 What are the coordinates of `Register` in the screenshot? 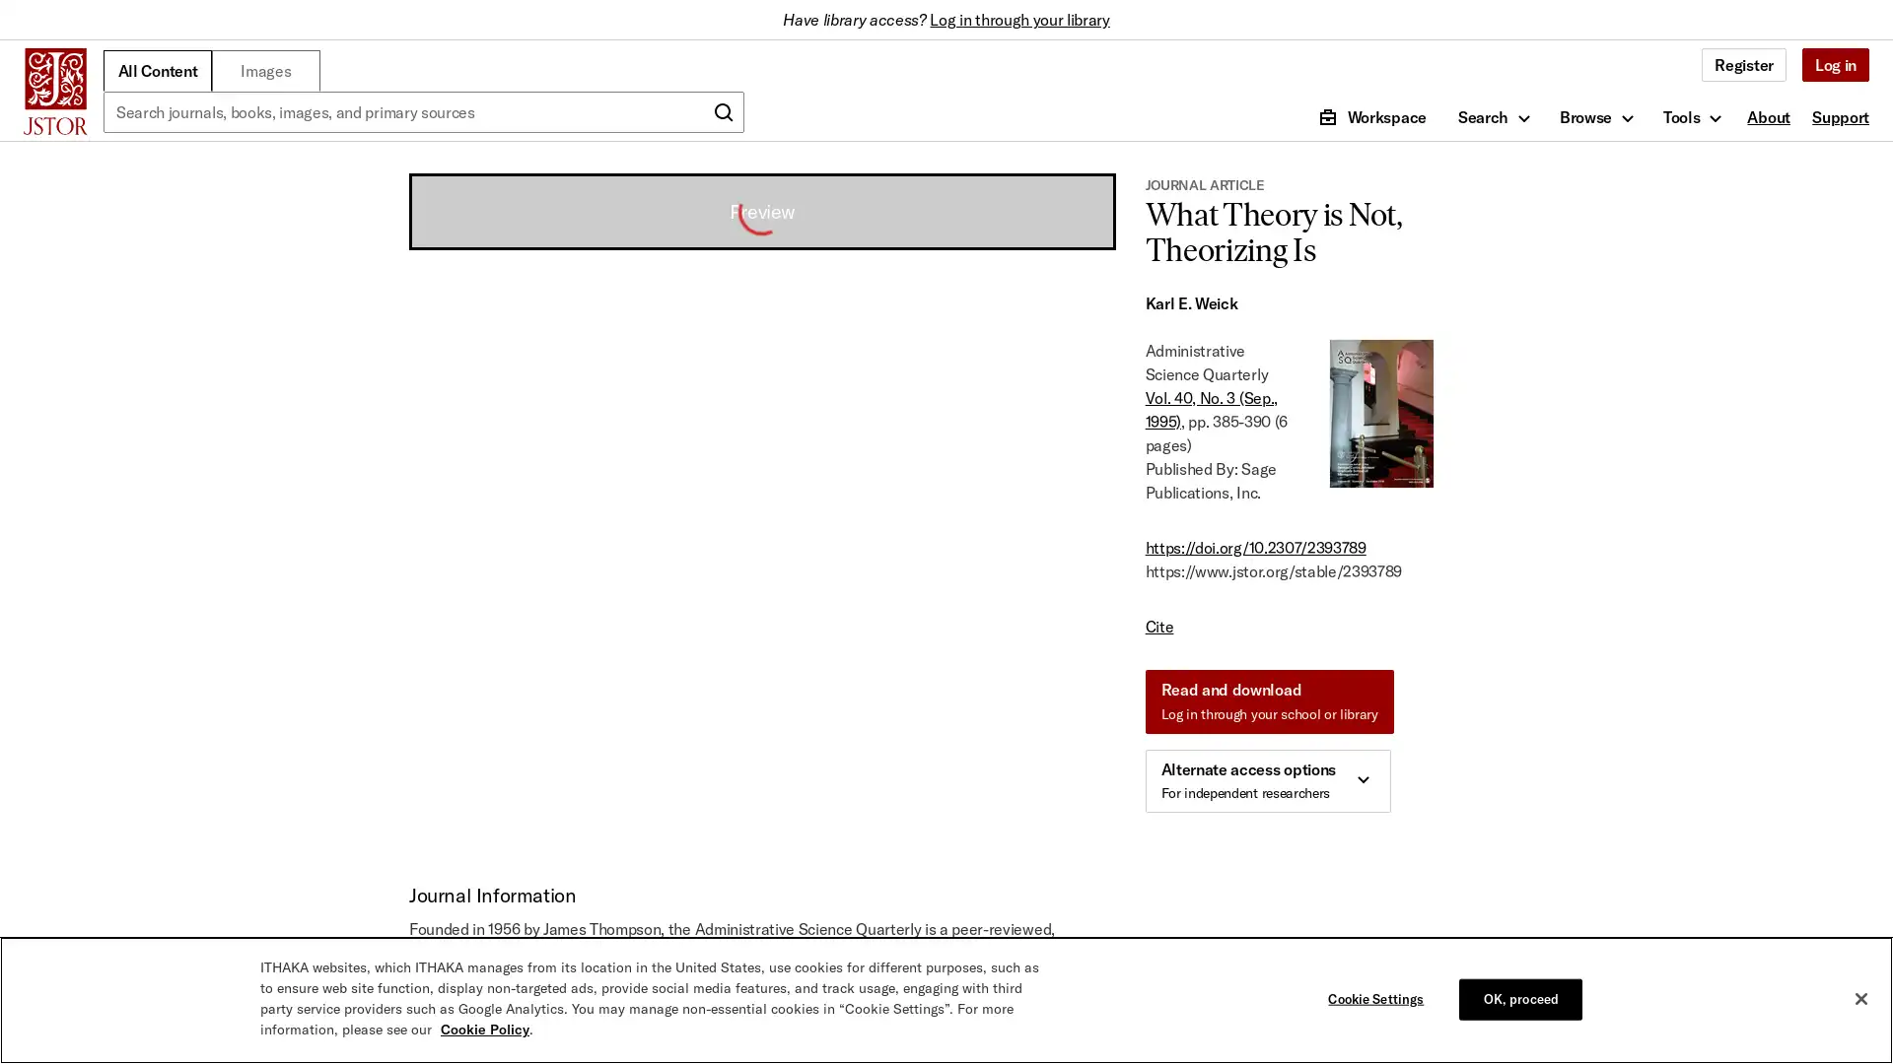 It's located at (1743, 63).